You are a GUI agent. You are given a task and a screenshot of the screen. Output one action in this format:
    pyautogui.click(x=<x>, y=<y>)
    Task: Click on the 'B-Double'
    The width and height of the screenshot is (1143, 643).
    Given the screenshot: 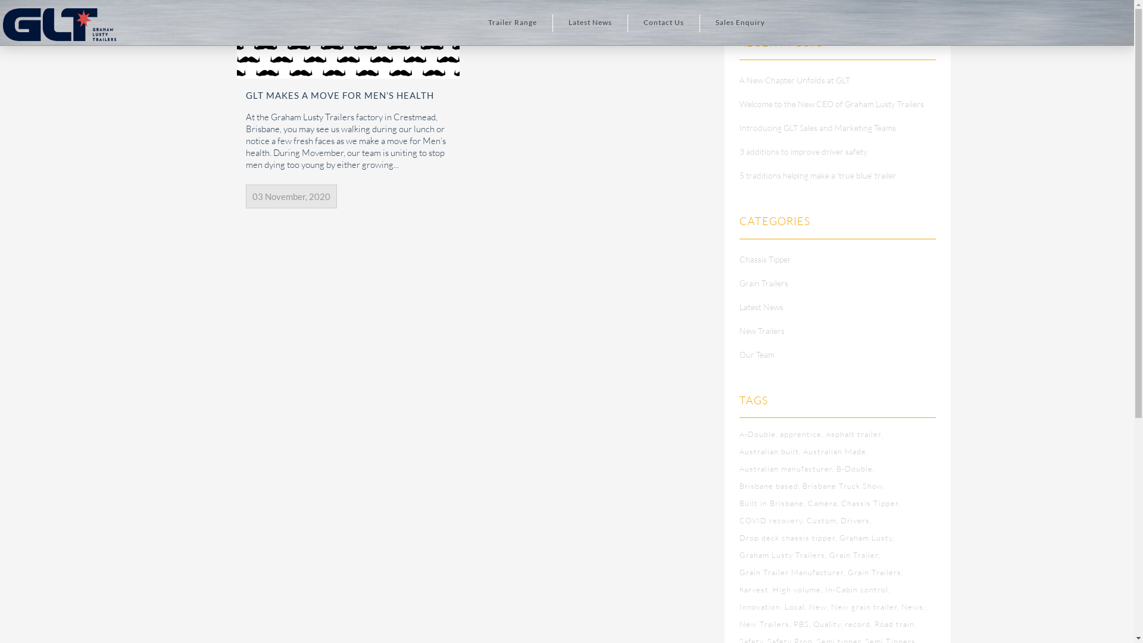 What is the action you would take?
    pyautogui.click(x=855, y=467)
    